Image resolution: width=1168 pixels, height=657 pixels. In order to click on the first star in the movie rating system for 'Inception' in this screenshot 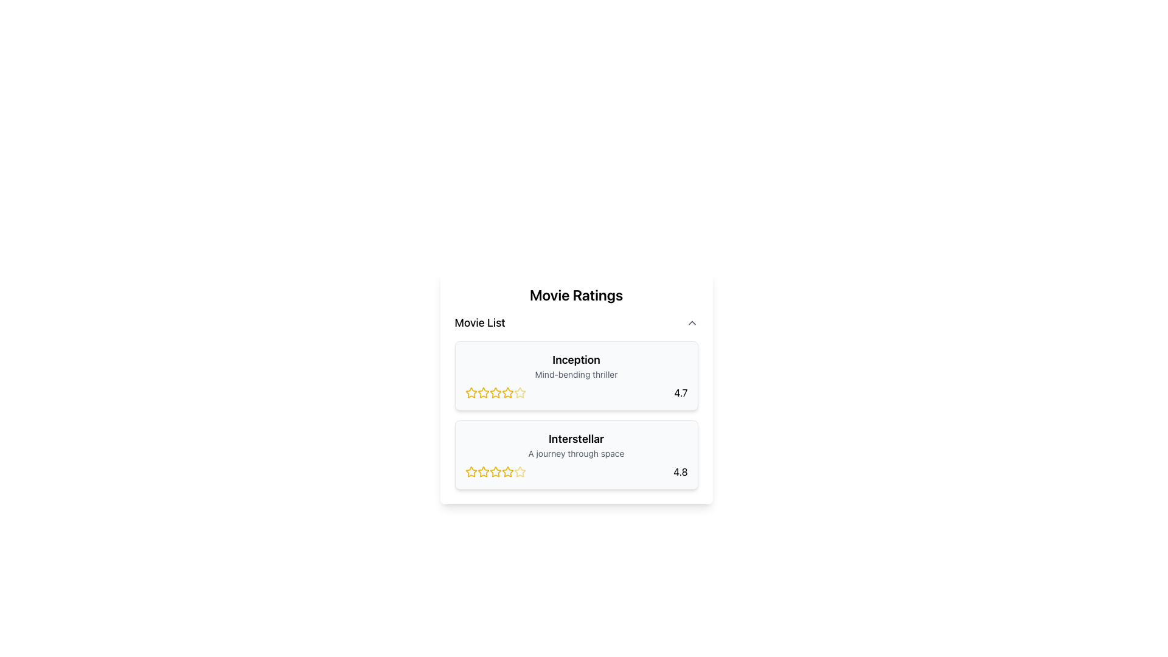, I will do `click(470, 392)`.